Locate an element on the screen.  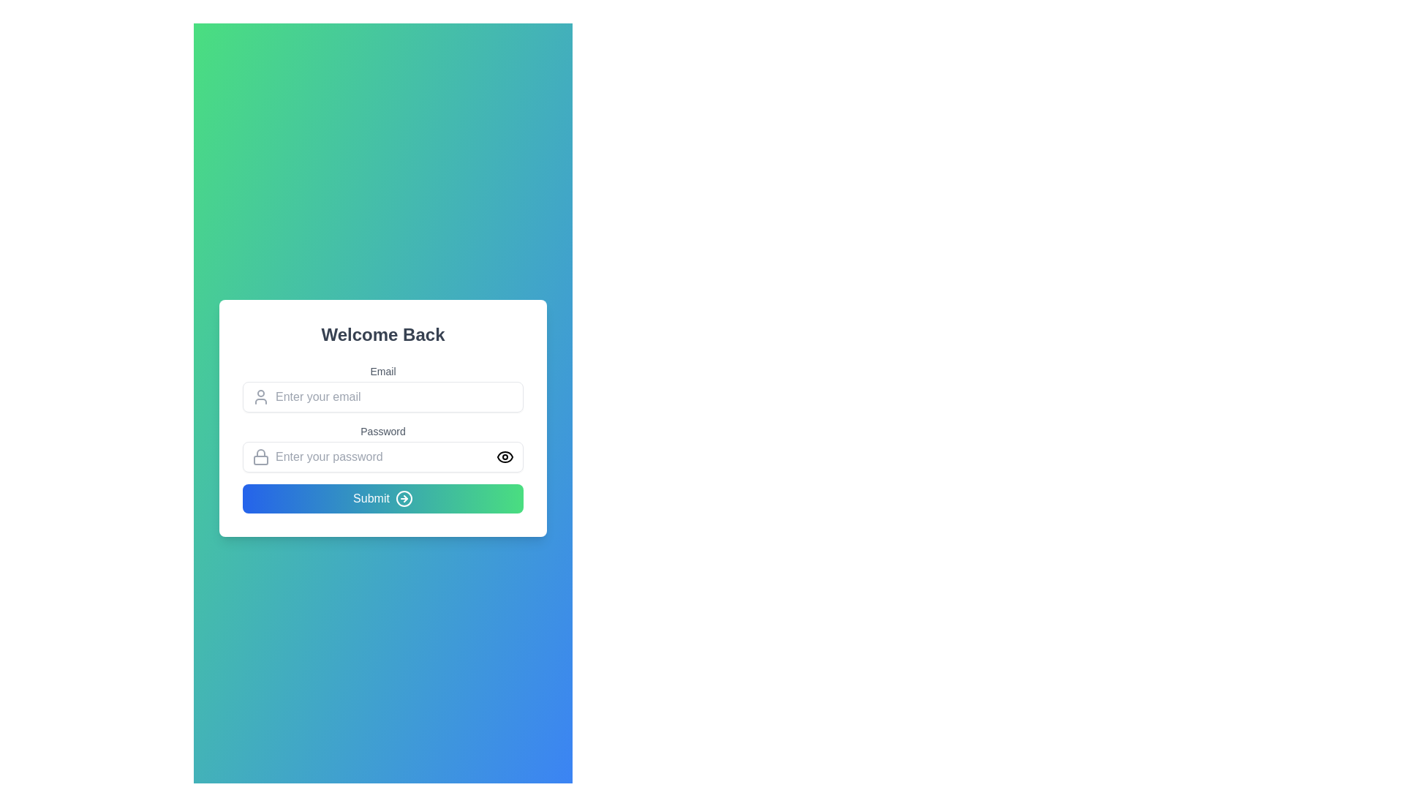
the padlock icon representing security, located at the left side of the password input field is located at coordinates (260, 456).